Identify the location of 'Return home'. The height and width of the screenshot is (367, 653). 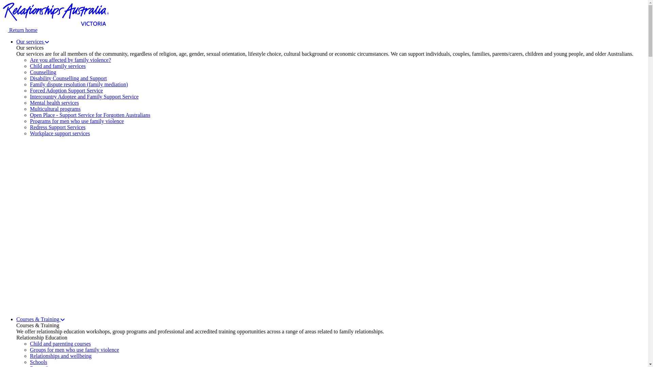
(323, 27).